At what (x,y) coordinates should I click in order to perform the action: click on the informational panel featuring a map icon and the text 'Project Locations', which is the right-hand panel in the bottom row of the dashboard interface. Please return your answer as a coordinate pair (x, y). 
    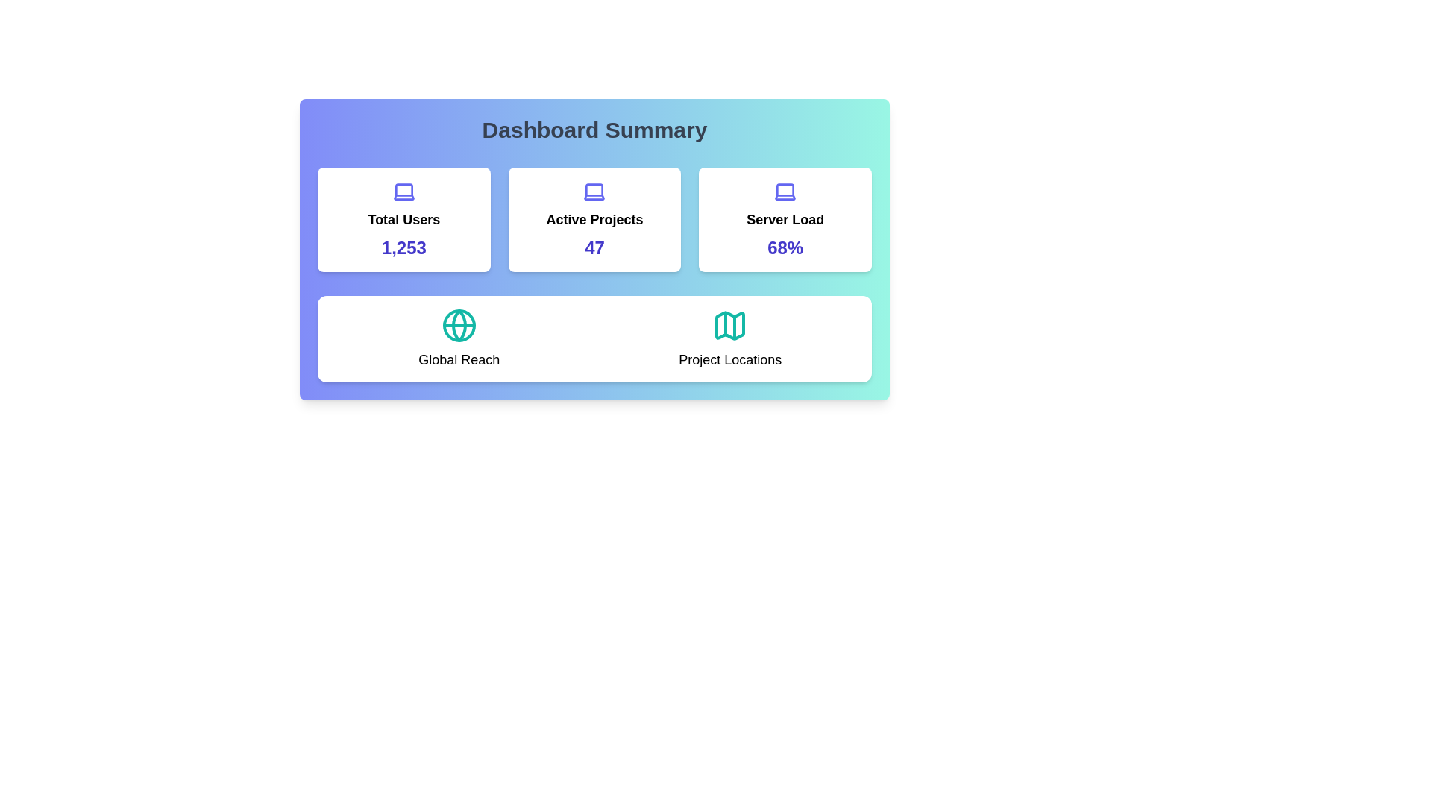
    Looking at the image, I should click on (730, 339).